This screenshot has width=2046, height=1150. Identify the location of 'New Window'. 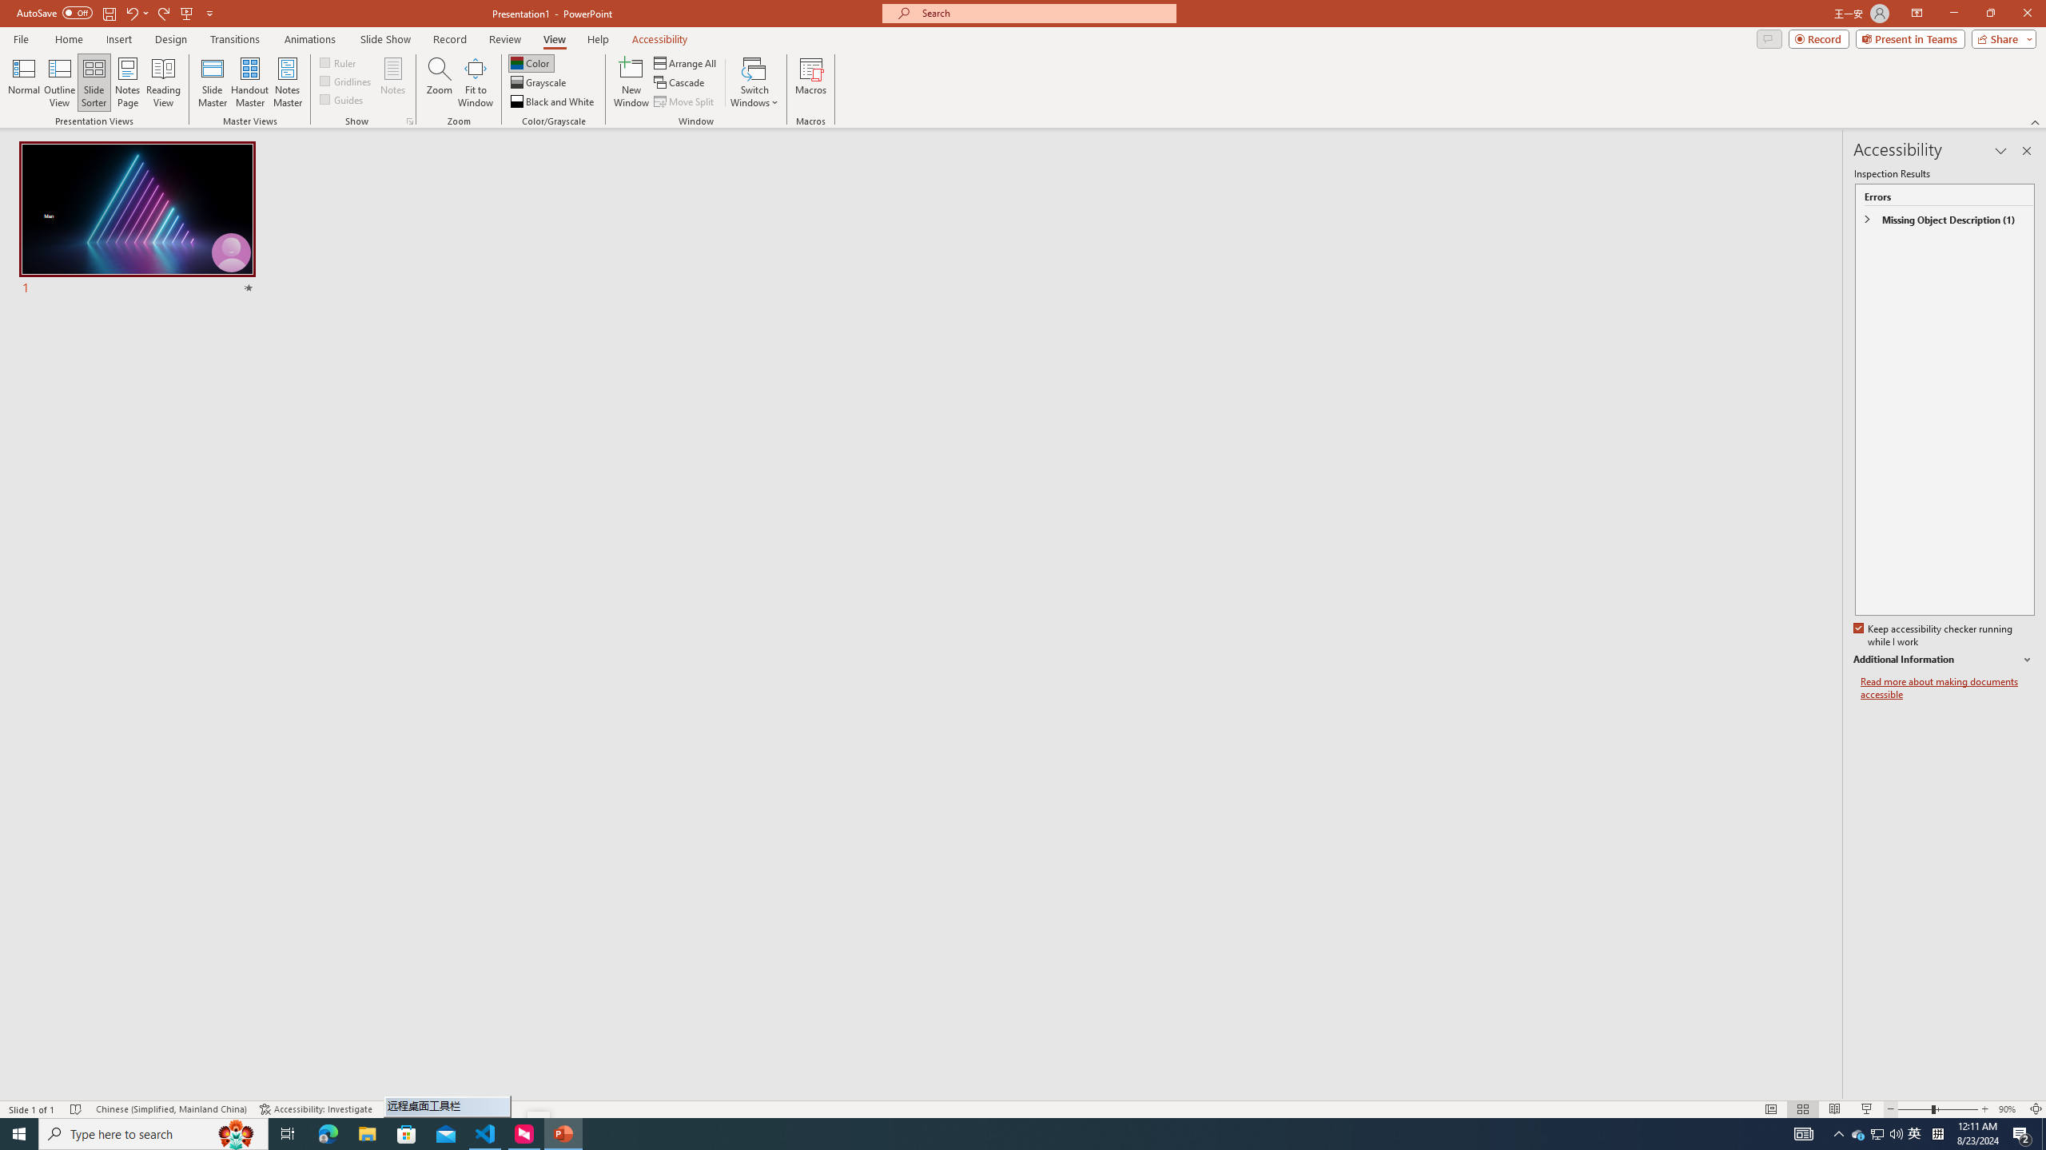
(630, 82).